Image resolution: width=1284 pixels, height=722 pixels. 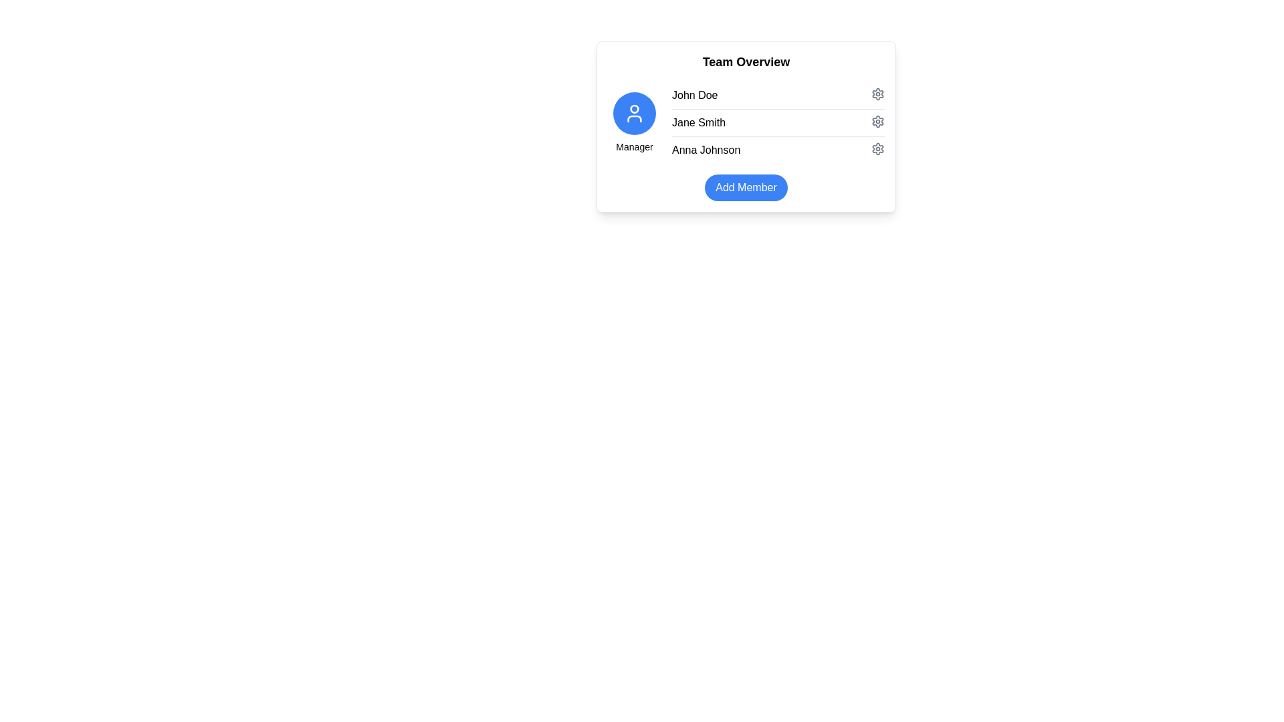 What do you see at coordinates (634, 146) in the screenshot?
I see `the text label that says 'Manager', which is styled with a small font and centered alignment, located below a rounded blue user icon` at bounding box center [634, 146].